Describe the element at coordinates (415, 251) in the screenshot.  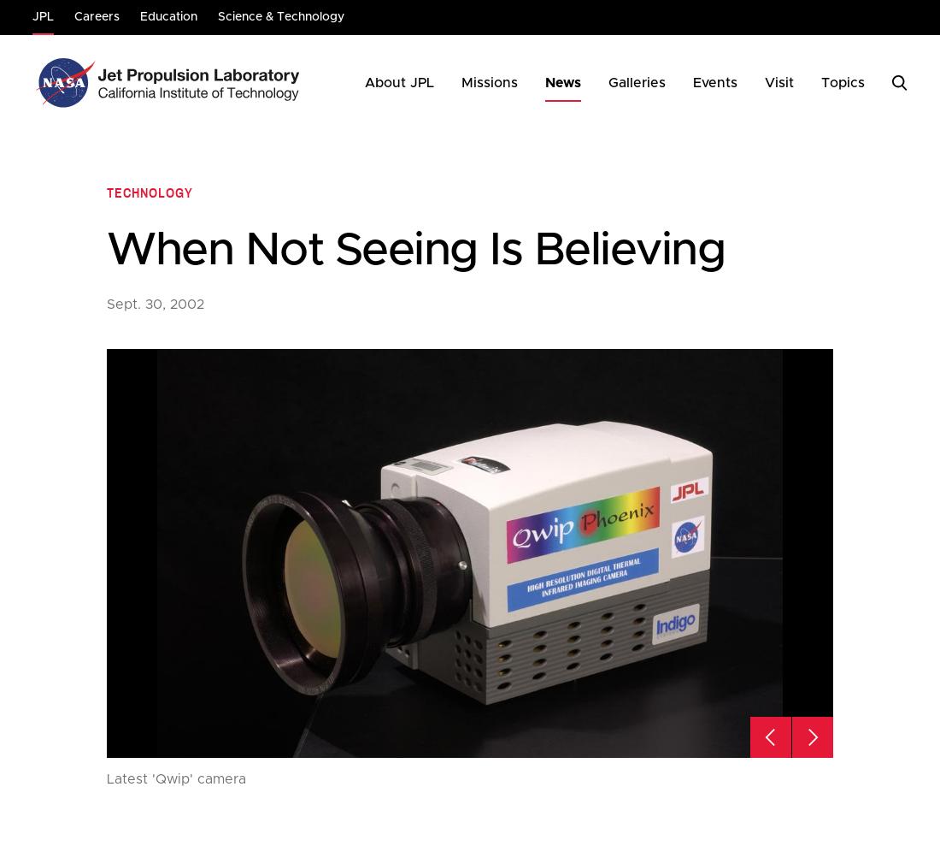
I see `'When Not Seeing Is Believing'` at that location.